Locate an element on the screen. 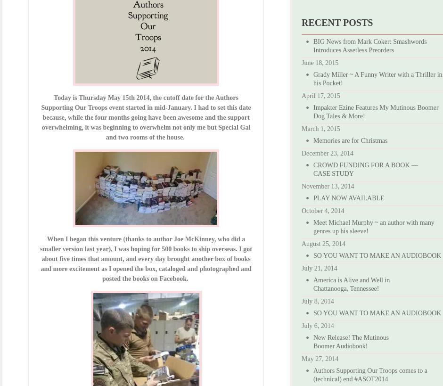  'October 4, 2014' is located at coordinates (322, 211).